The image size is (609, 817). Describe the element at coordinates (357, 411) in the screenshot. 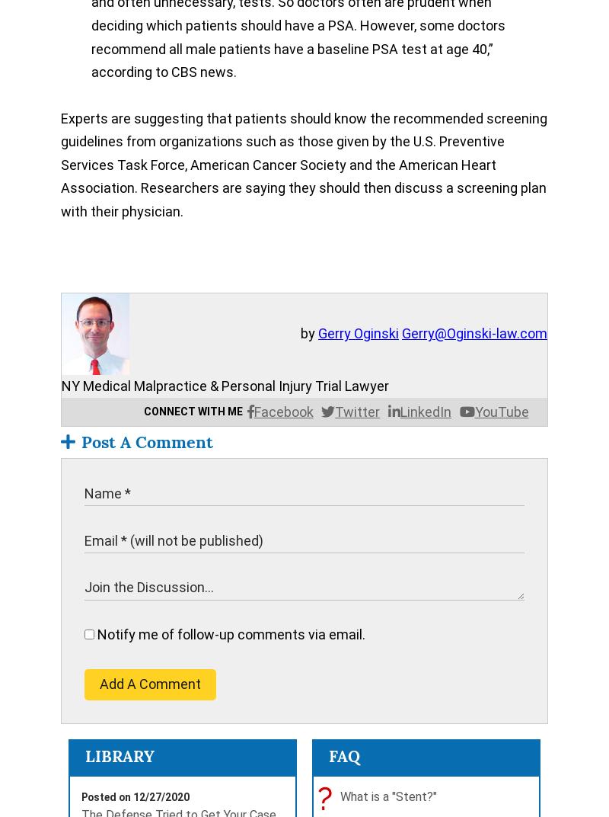

I see `'Twitter'` at that location.